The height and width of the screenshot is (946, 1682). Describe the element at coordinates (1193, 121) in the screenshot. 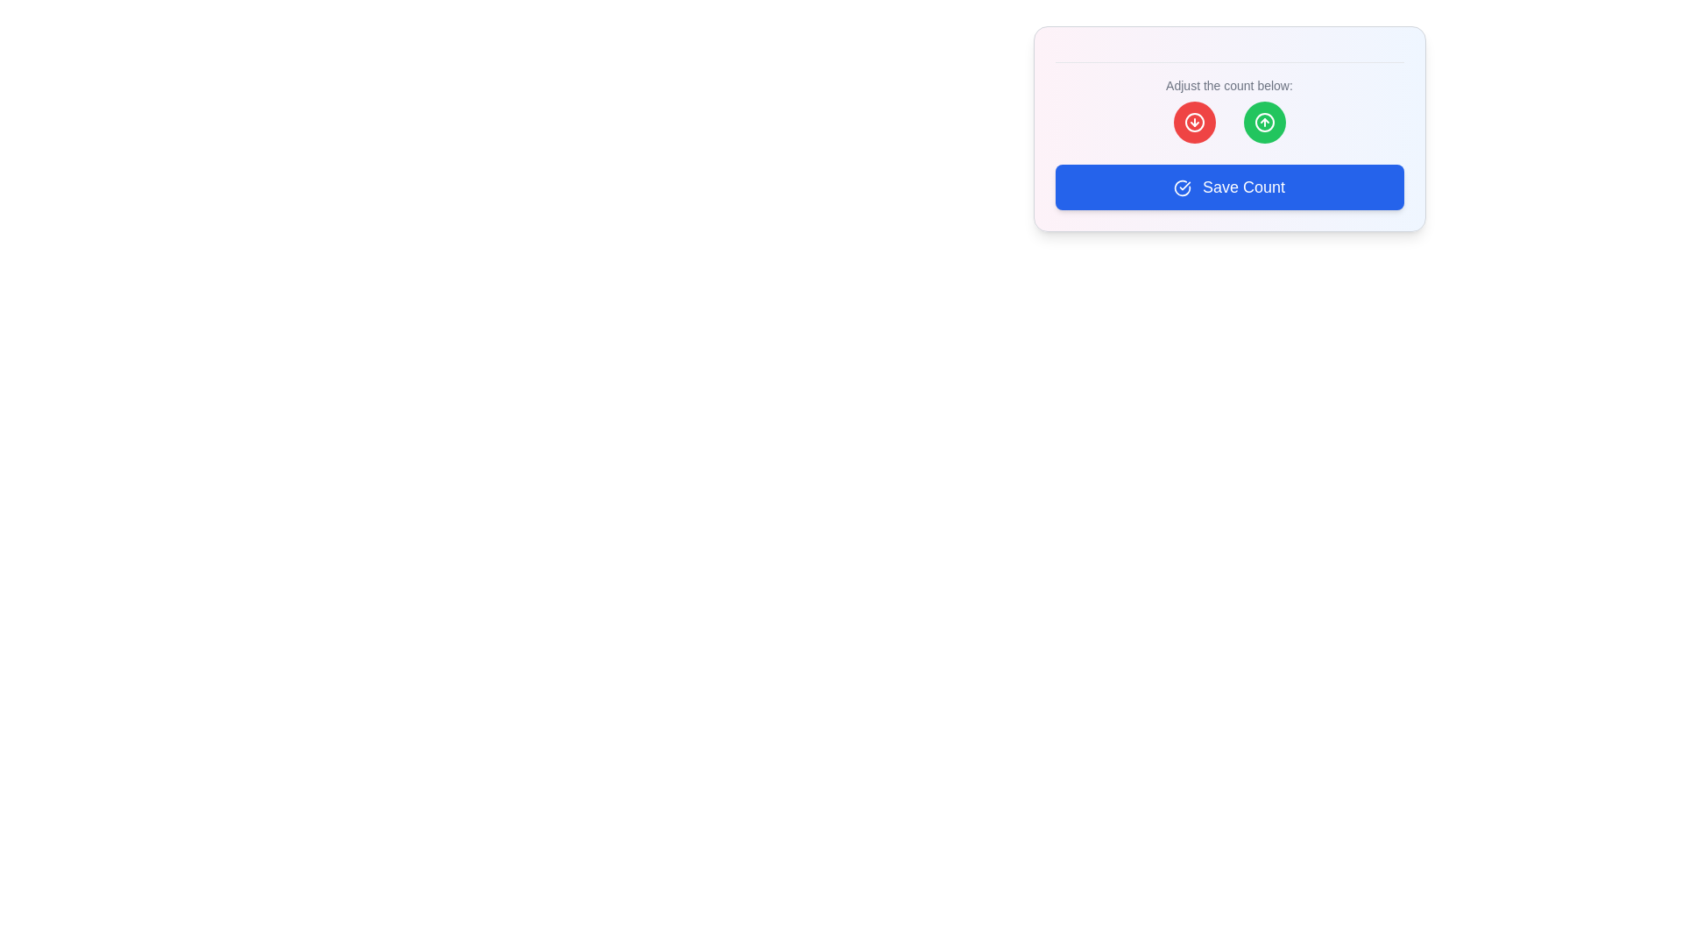

I see `the circular red button with a downward arrow` at that location.